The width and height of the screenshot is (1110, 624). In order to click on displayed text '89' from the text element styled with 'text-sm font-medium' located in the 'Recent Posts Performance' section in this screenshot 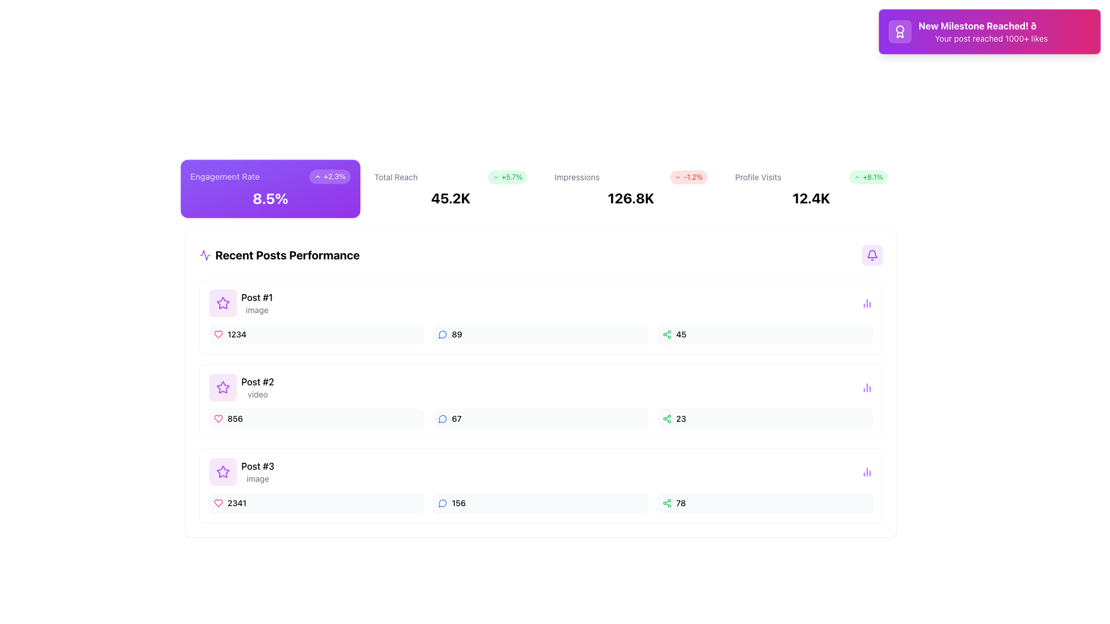, I will do `click(456, 334)`.